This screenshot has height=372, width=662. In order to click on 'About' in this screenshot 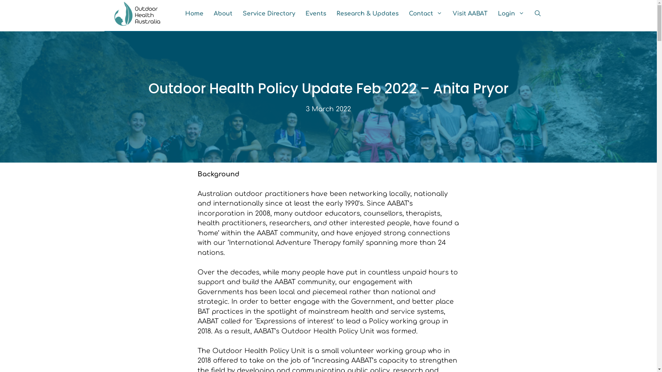, I will do `click(208, 13)`.